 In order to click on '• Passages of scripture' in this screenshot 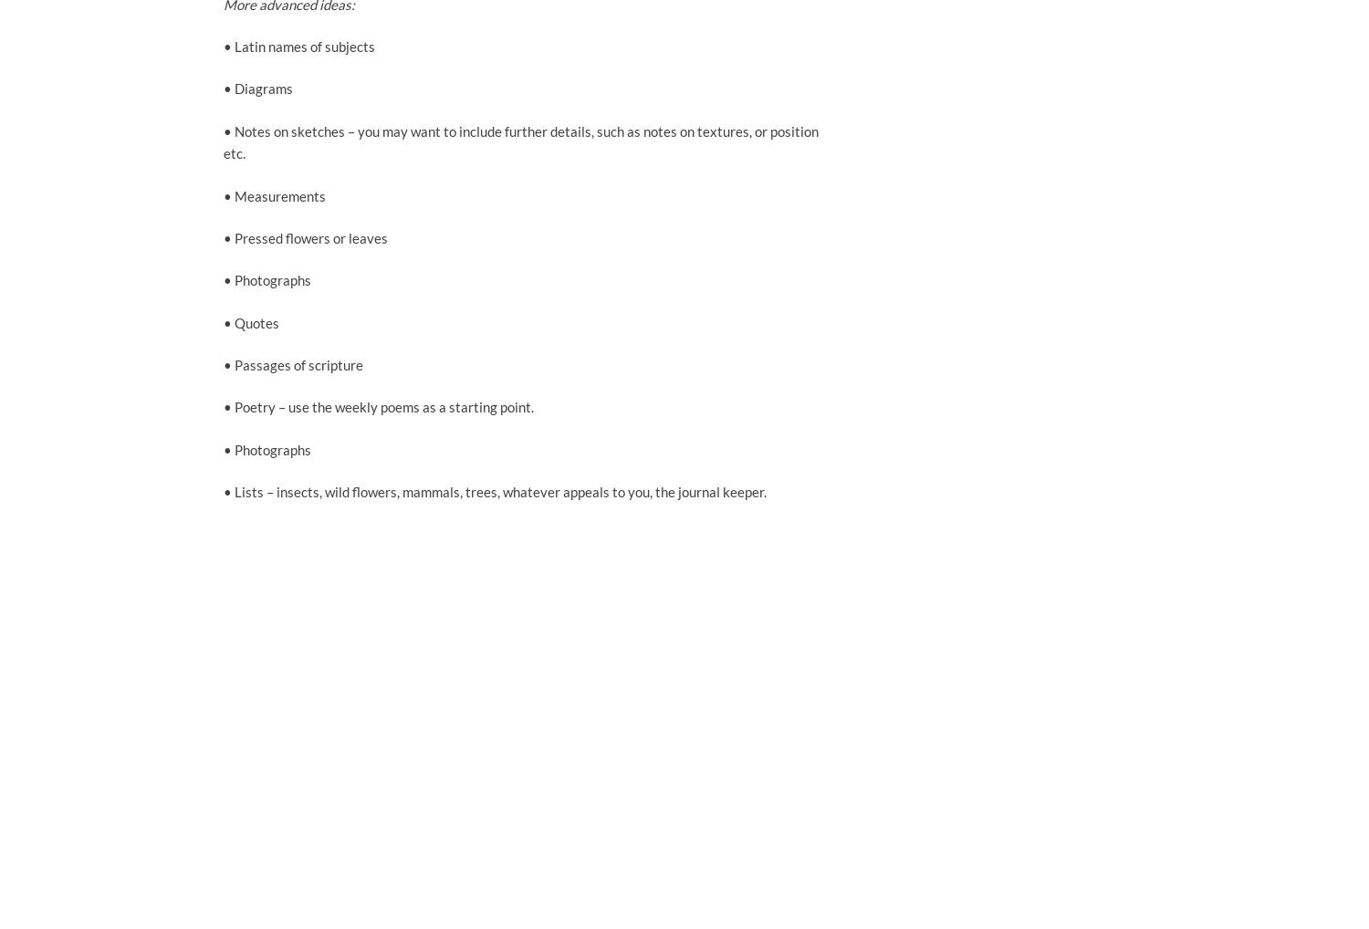, I will do `click(292, 364)`.